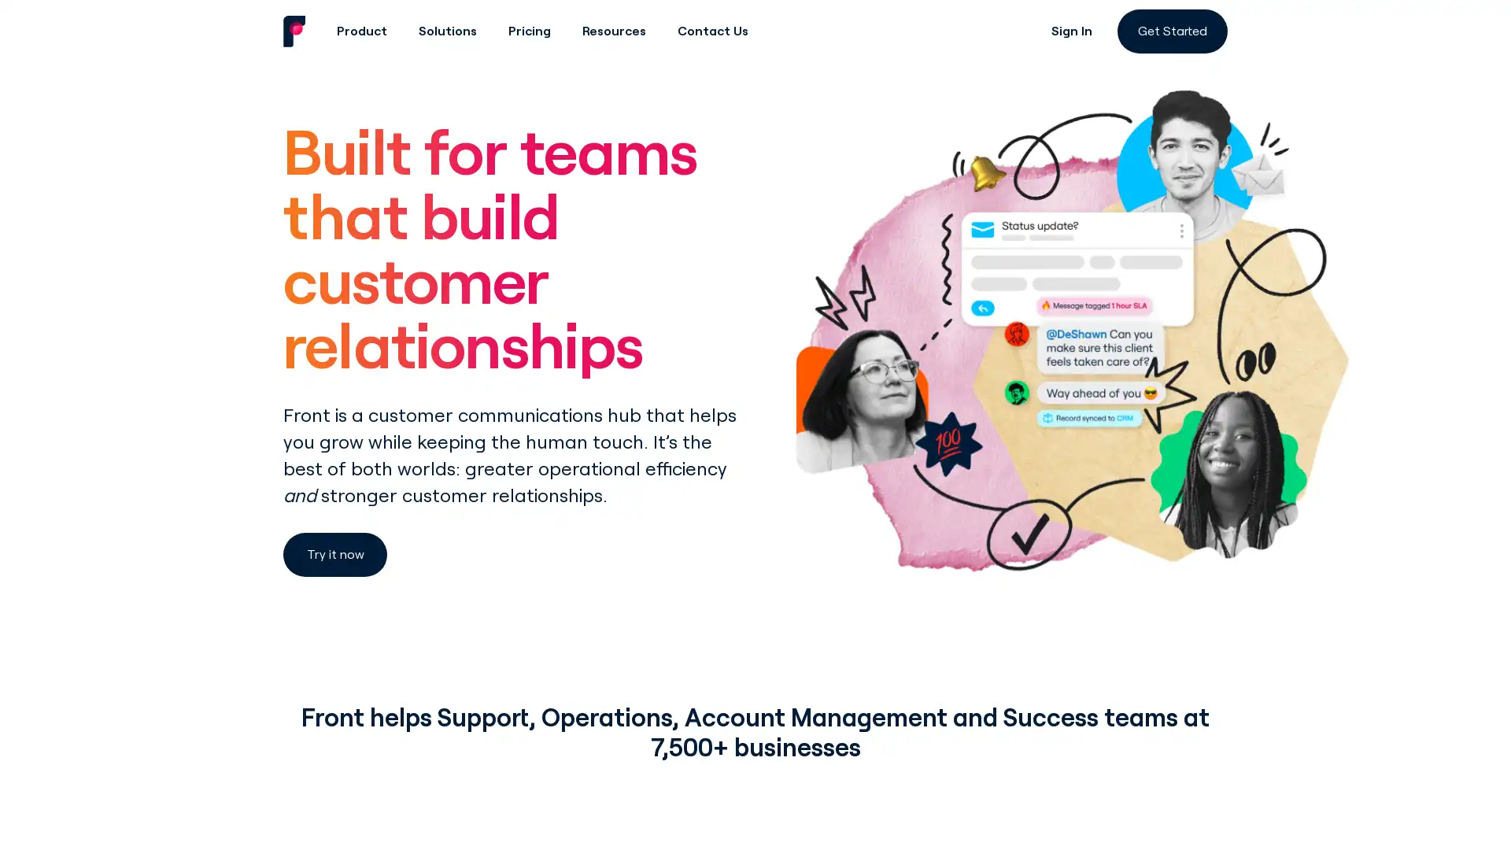 The width and height of the screenshot is (1511, 850). What do you see at coordinates (1172, 31) in the screenshot?
I see `Get Started` at bounding box center [1172, 31].